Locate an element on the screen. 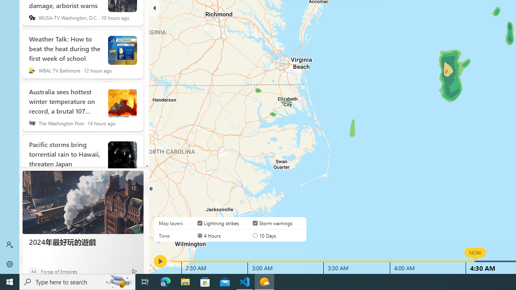  'Settings' is located at coordinates (10, 264).